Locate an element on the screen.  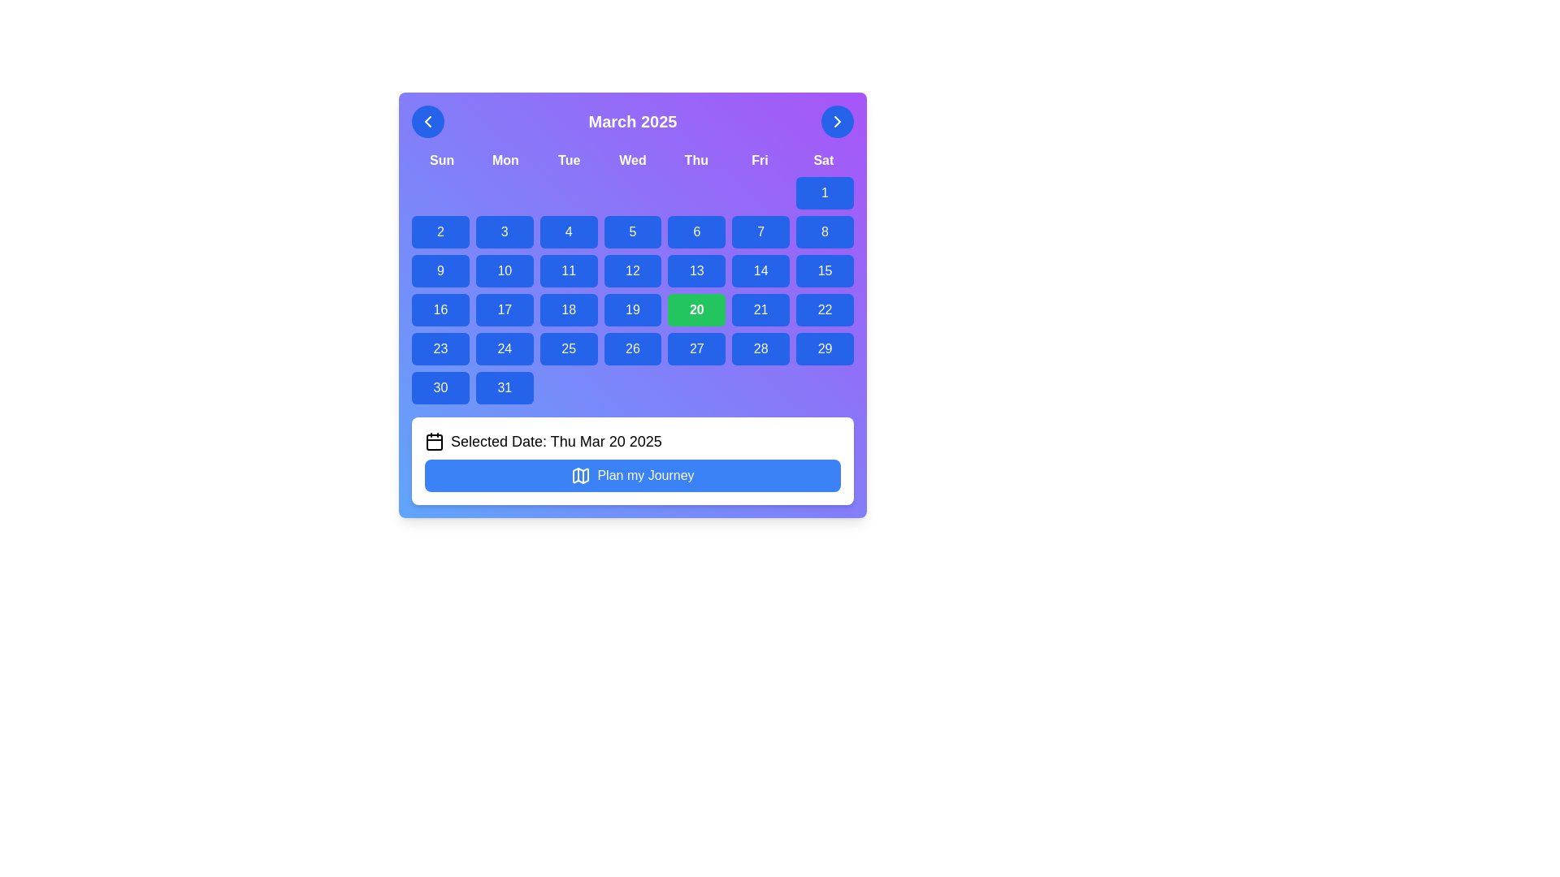
the rounded rectangular button displaying '17' in white on a blue background is located at coordinates (504, 309).